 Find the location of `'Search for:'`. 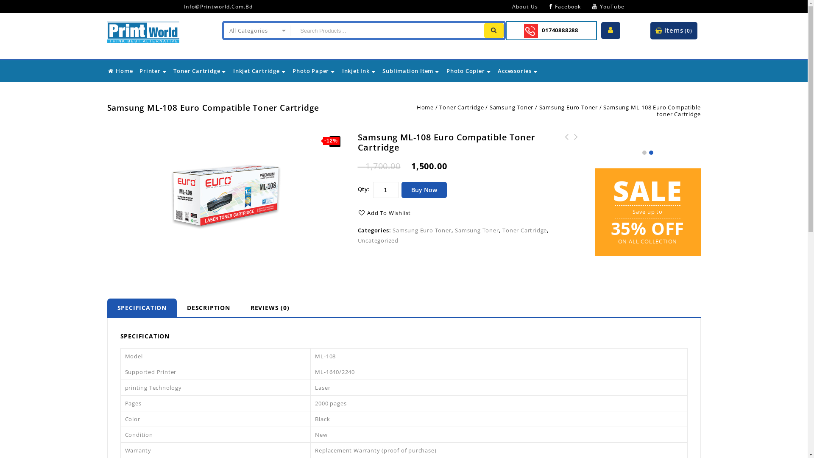

'Search for:' is located at coordinates (385, 30).